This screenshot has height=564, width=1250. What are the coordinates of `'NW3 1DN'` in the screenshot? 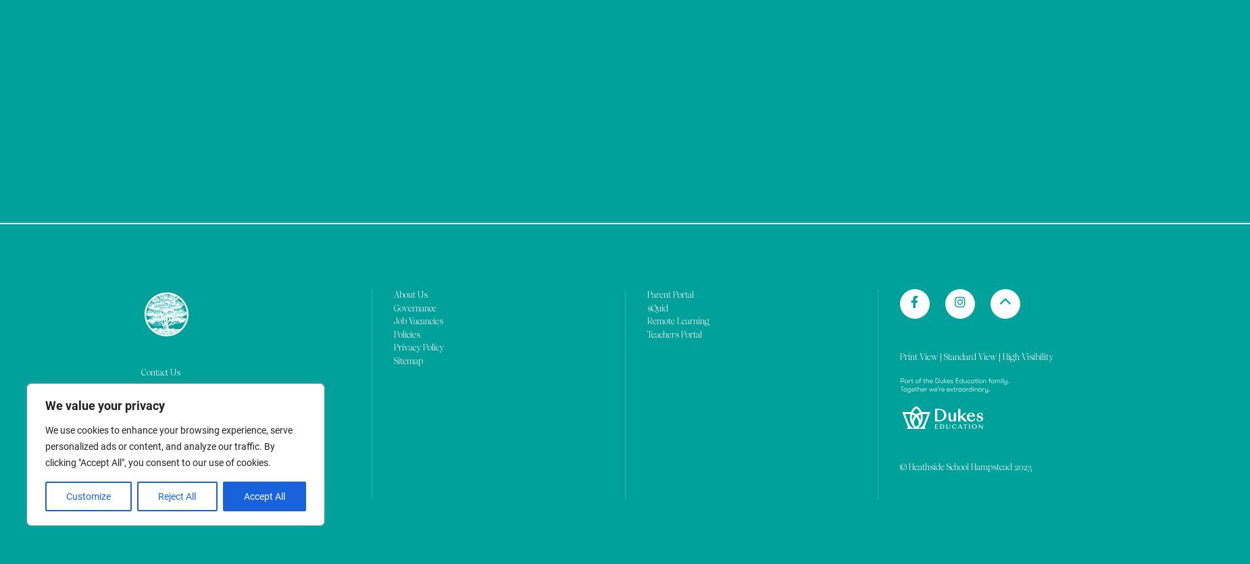 It's located at (157, 109).